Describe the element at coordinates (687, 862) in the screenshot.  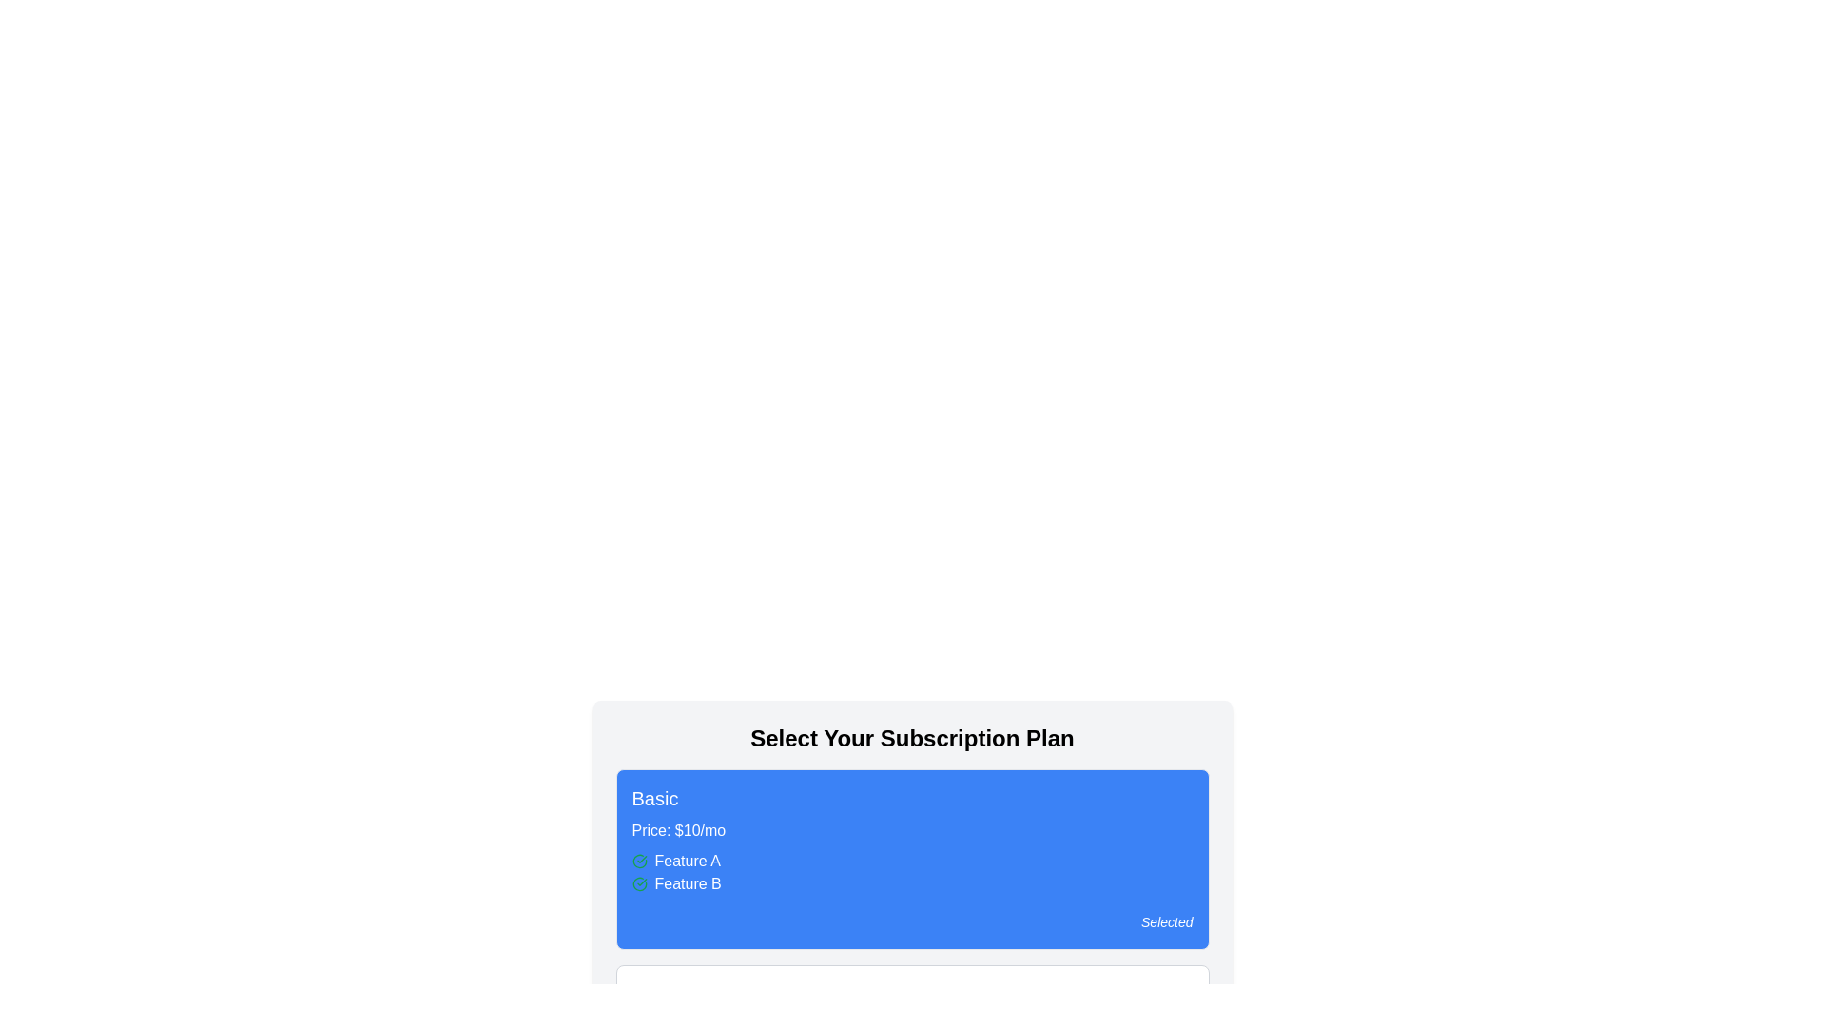
I see `the Text Label that presents the feature detail for the 'Basic' subscription plan, which is the first feature listed under the 'Basic' plan and accompanied by a checkmark icon` at that location.